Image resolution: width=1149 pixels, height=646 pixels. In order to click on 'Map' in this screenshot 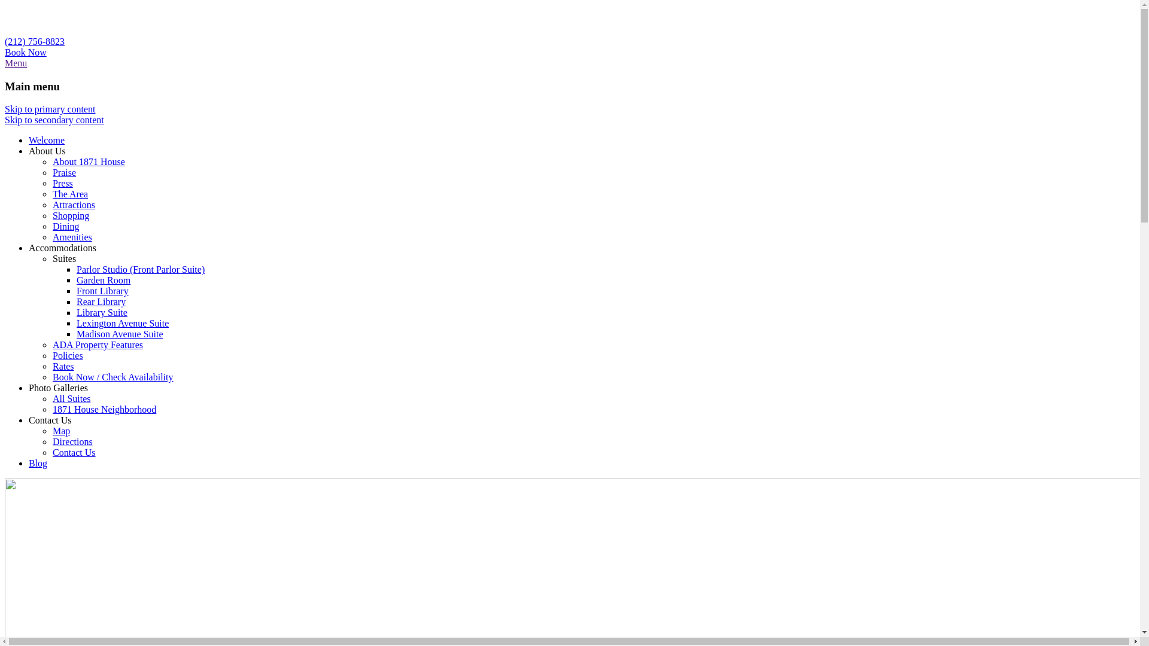, I will do `click(51, 431)`.